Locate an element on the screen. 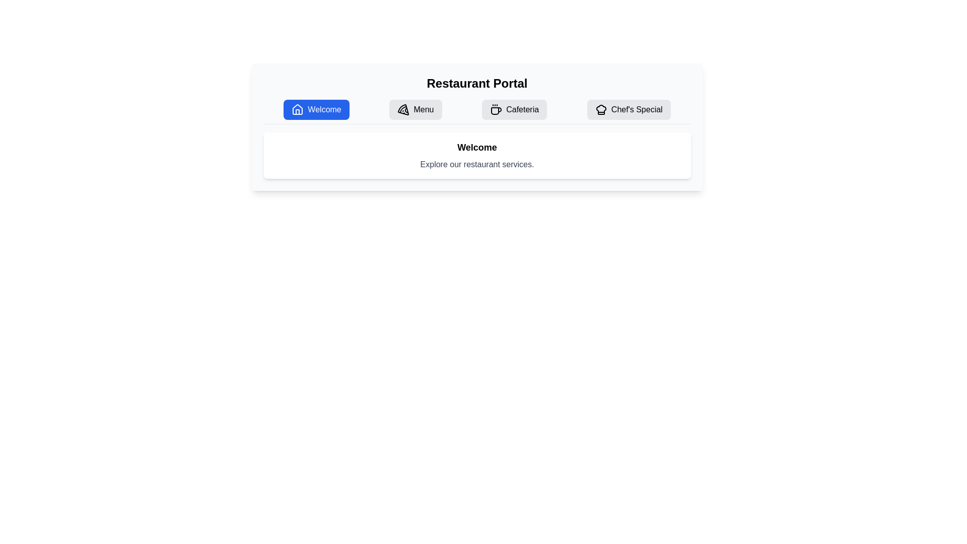 Image resolution: width=967 pixels, height=544 pixels. the Informational panel, which is a white box with rounded corners containing 'Welcome' and 'Explore our restaurant services.' text is located at coordinates (476, 155).